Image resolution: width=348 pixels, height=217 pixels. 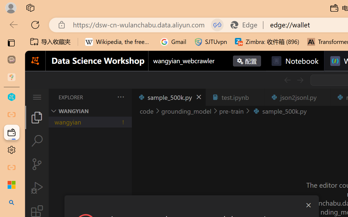 What do you see at coordinates (36, 117) in the screenshot?
I see `'Explorer (Ctrl+Shift+E)'` at bounding box center [36, 117].